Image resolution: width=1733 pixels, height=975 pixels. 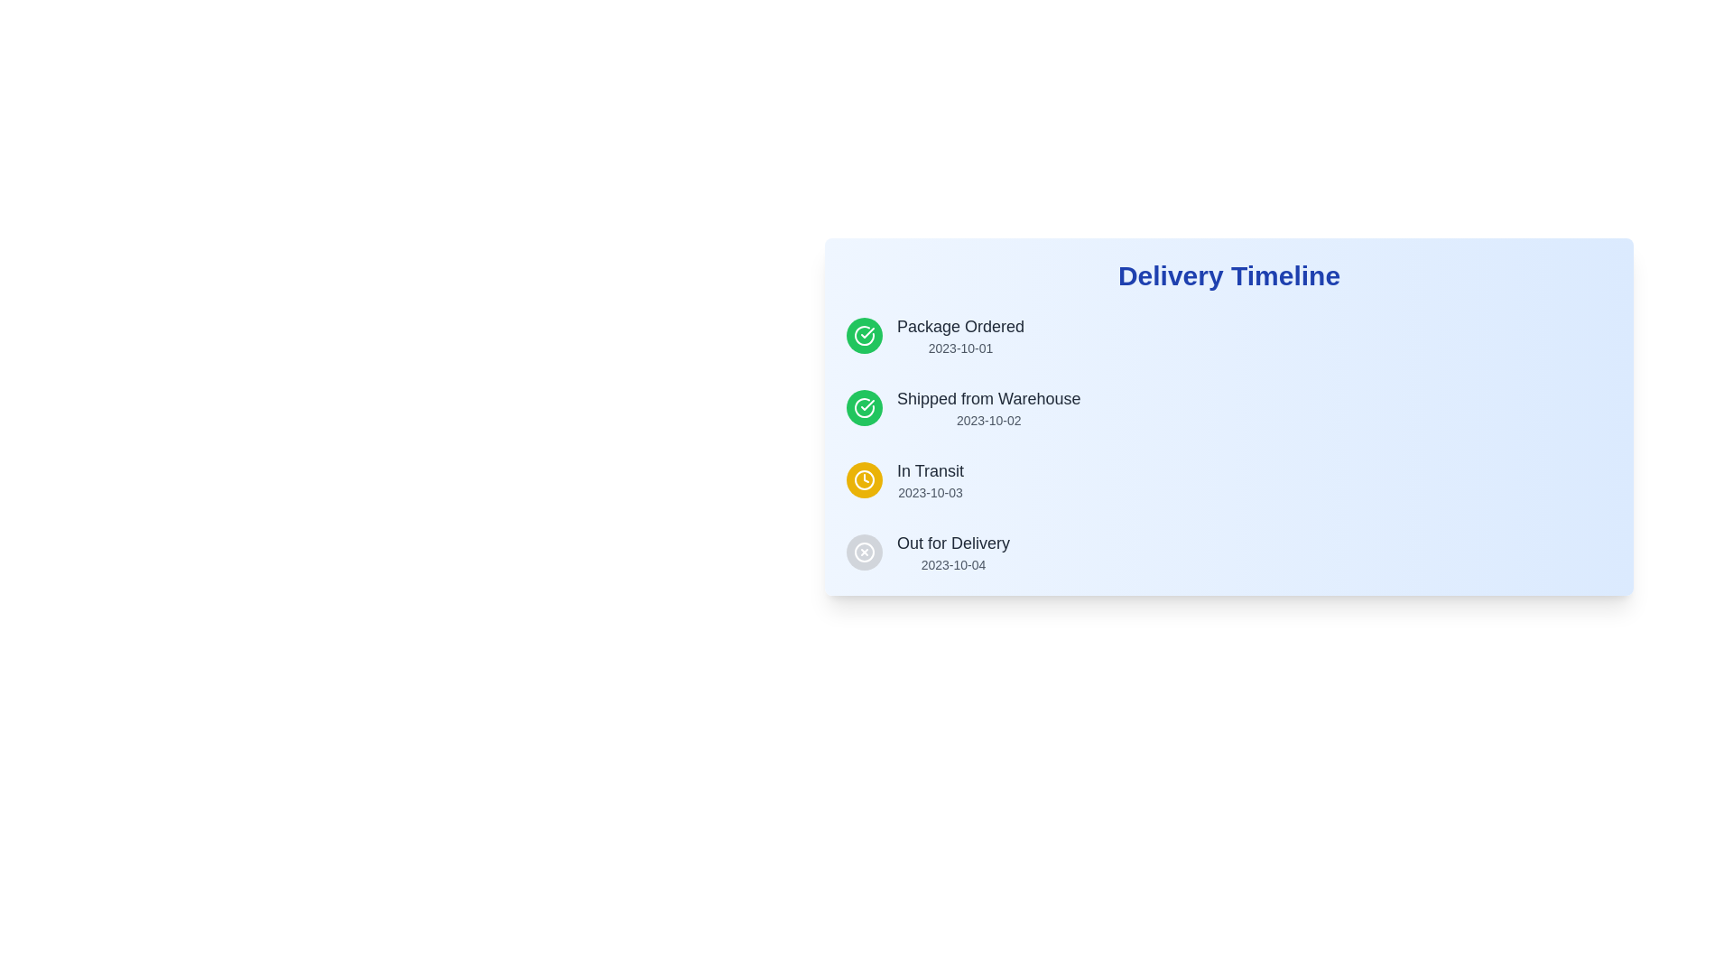 I want to click on the circular icon with a checkmark inside it, representing 'Package Ordered' in the 'Delivery Timeline' card, so click(x=864, y=407).